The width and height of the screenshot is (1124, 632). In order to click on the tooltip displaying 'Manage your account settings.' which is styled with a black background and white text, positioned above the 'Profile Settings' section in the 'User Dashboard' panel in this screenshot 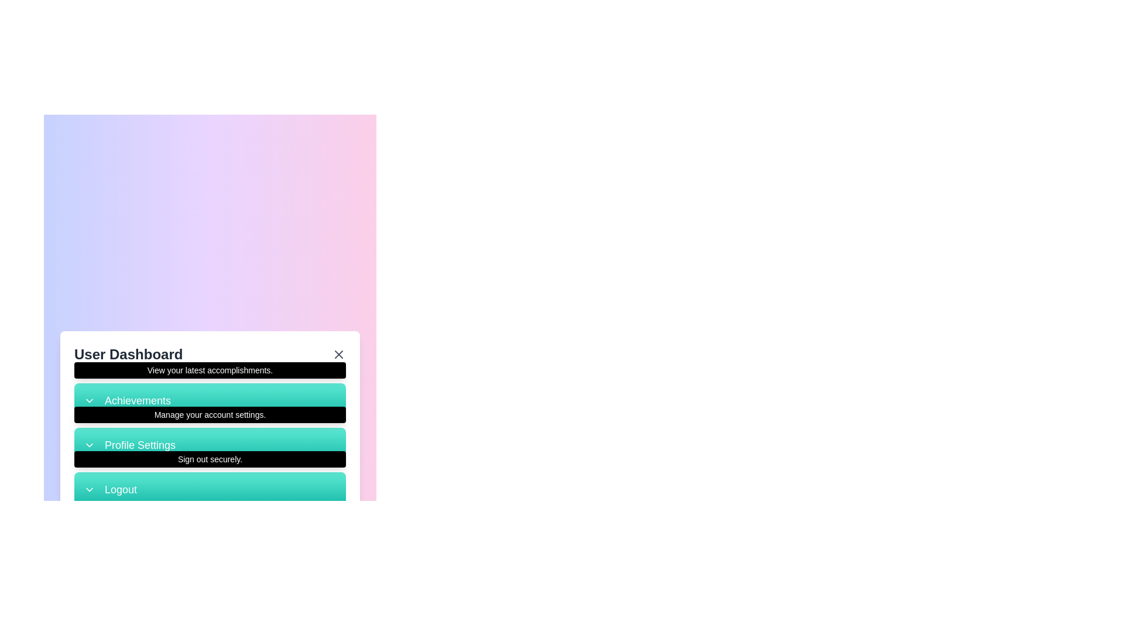, I will do `click(210, 414)`.